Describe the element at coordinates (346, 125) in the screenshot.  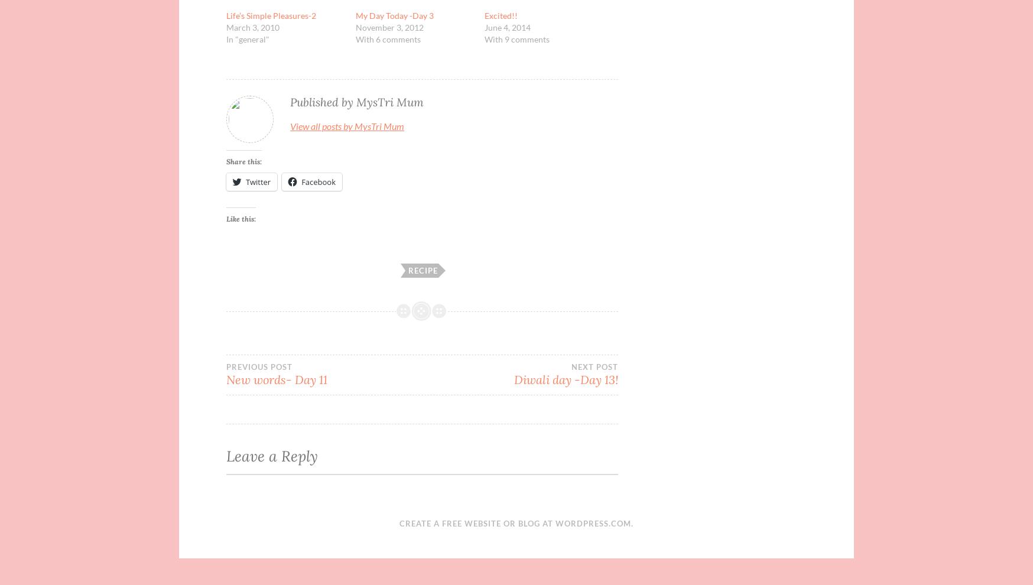
I see `'View all posts by MysTri Mum'` at that location.